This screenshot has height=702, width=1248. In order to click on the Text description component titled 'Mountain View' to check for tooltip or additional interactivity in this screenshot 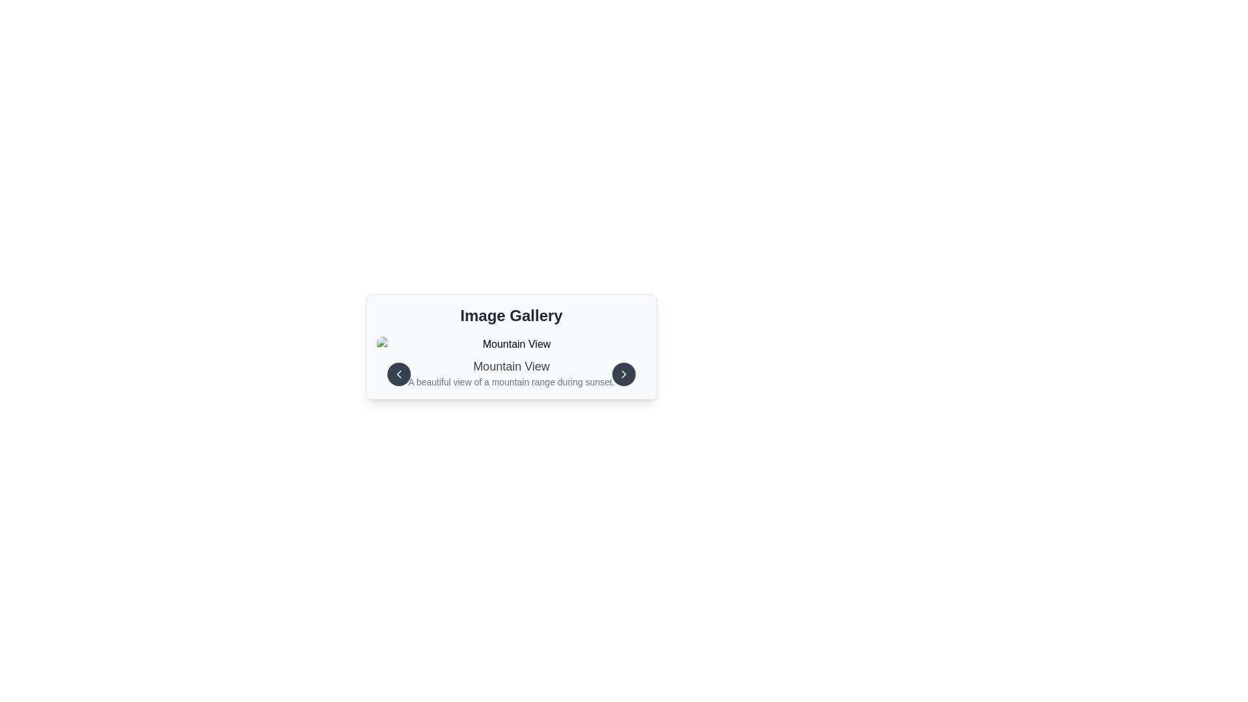, I will do `click(511, 373)`.